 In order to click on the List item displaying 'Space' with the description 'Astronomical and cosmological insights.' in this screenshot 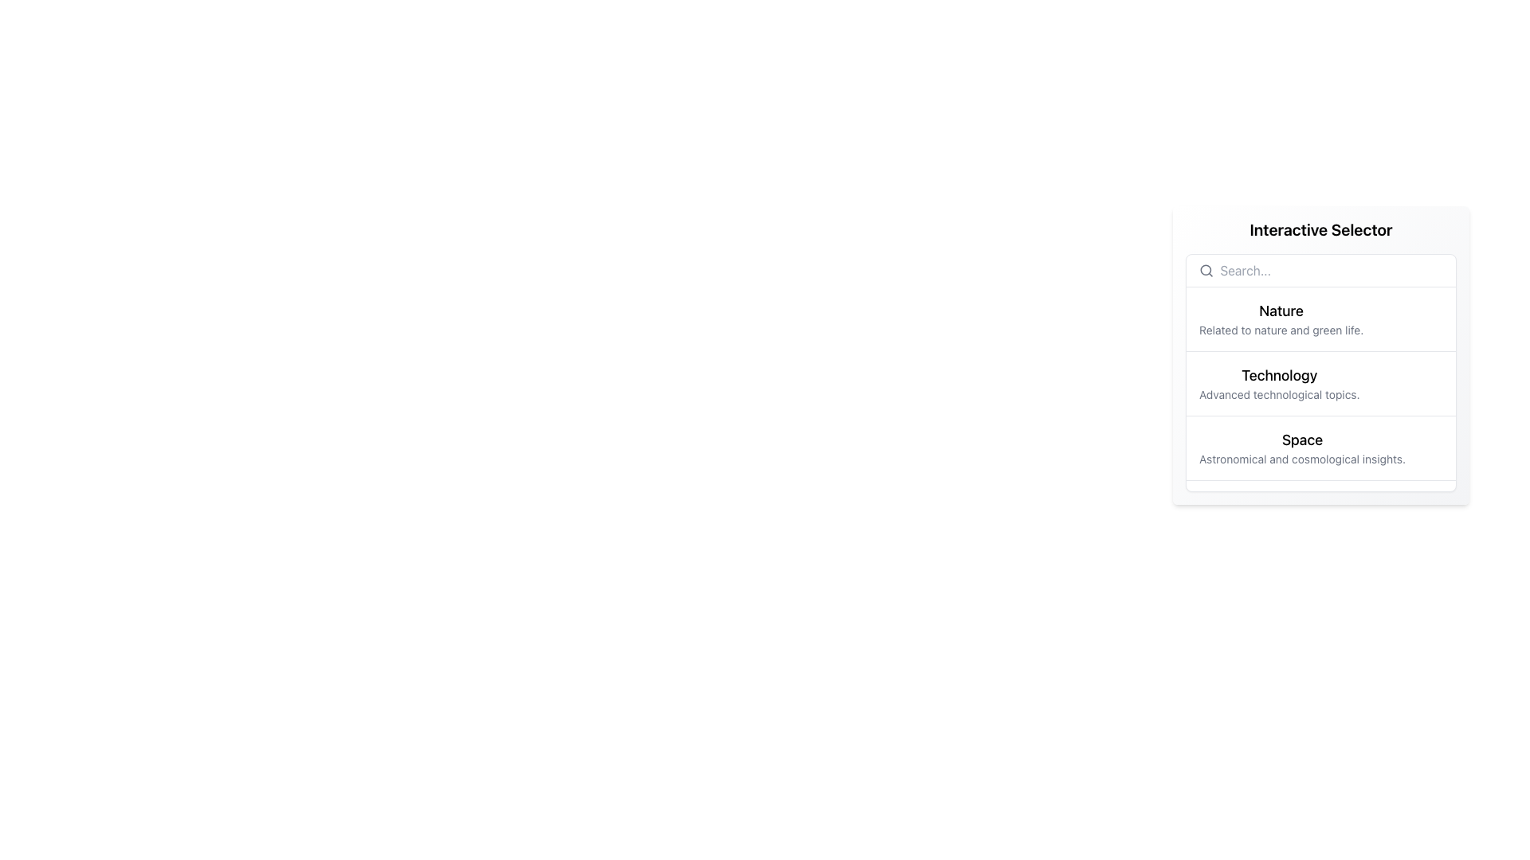, I will do `click(1302, 448)`.